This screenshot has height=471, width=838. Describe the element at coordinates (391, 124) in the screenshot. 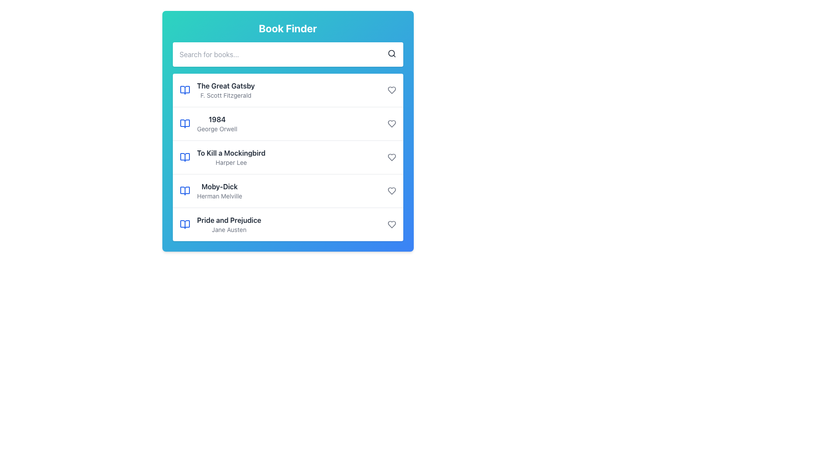

I see `the heart-shaped icon button with a gray outline and white fill, located to the right of the text '1984' by George Orwell` at that location.